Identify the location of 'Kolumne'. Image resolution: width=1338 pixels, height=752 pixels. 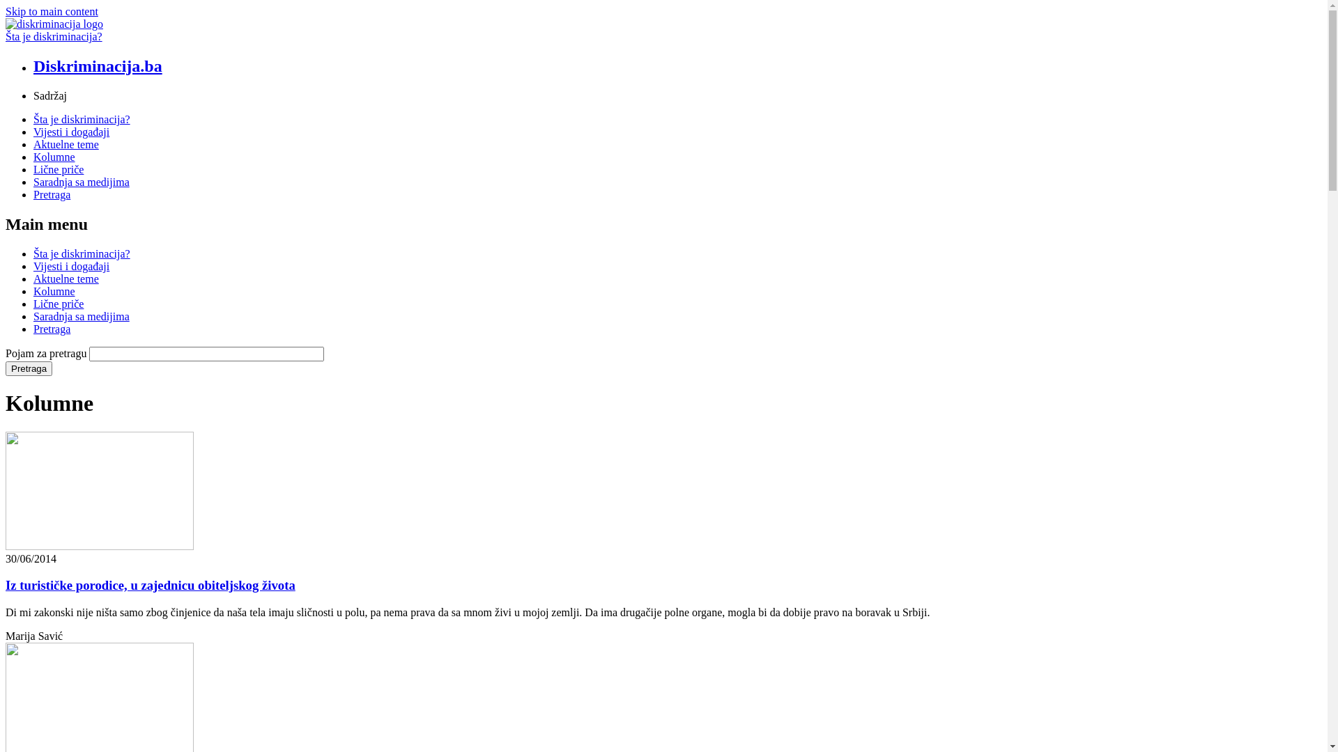
(33, 290).